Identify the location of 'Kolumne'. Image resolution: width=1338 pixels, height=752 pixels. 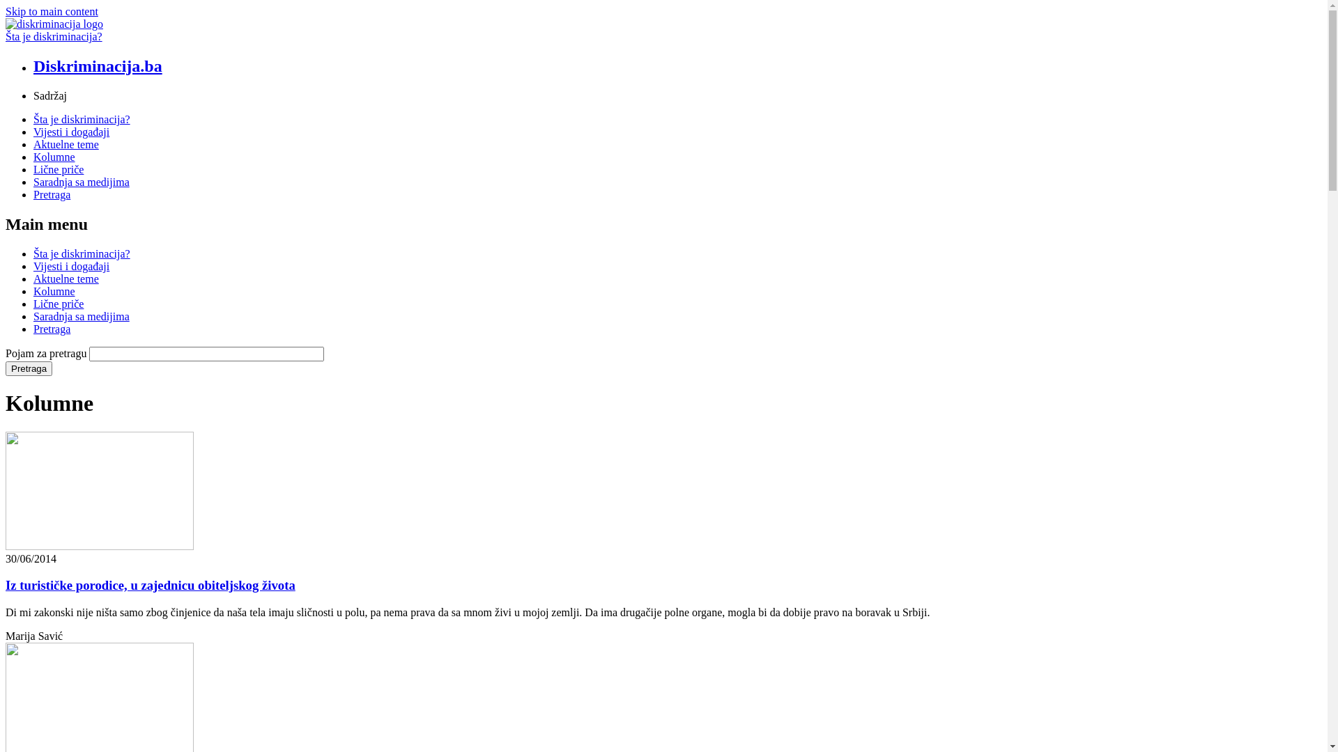
(33, 290).